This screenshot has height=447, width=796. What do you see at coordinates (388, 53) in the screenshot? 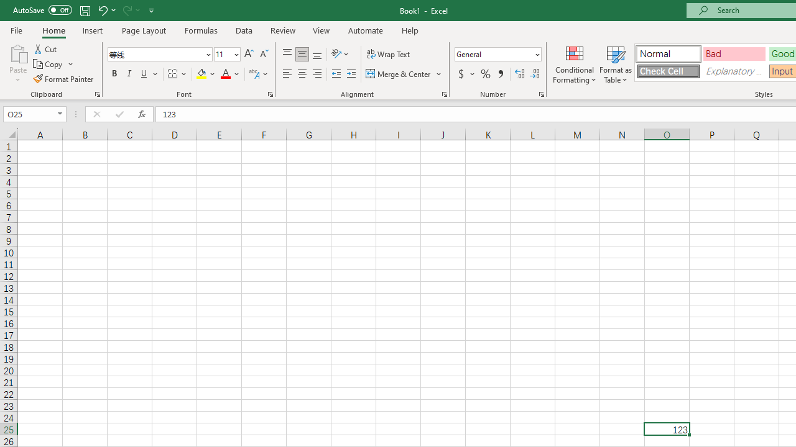
I see `'Wrap Text'` at bounding box center [388, 53].